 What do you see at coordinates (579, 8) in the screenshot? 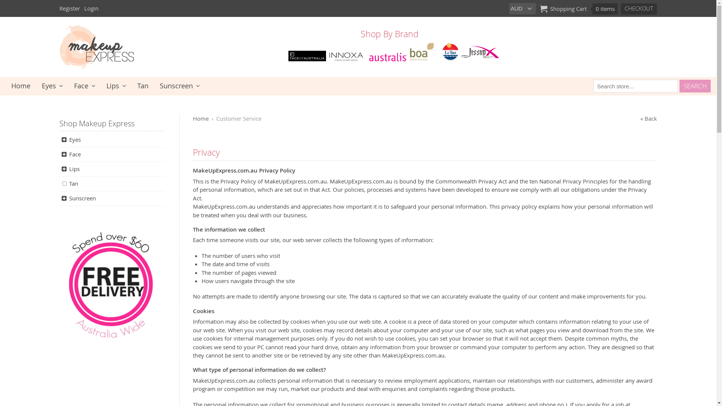
I see `'Shopping Cart 0 items'` at bounding box center [579, 8].